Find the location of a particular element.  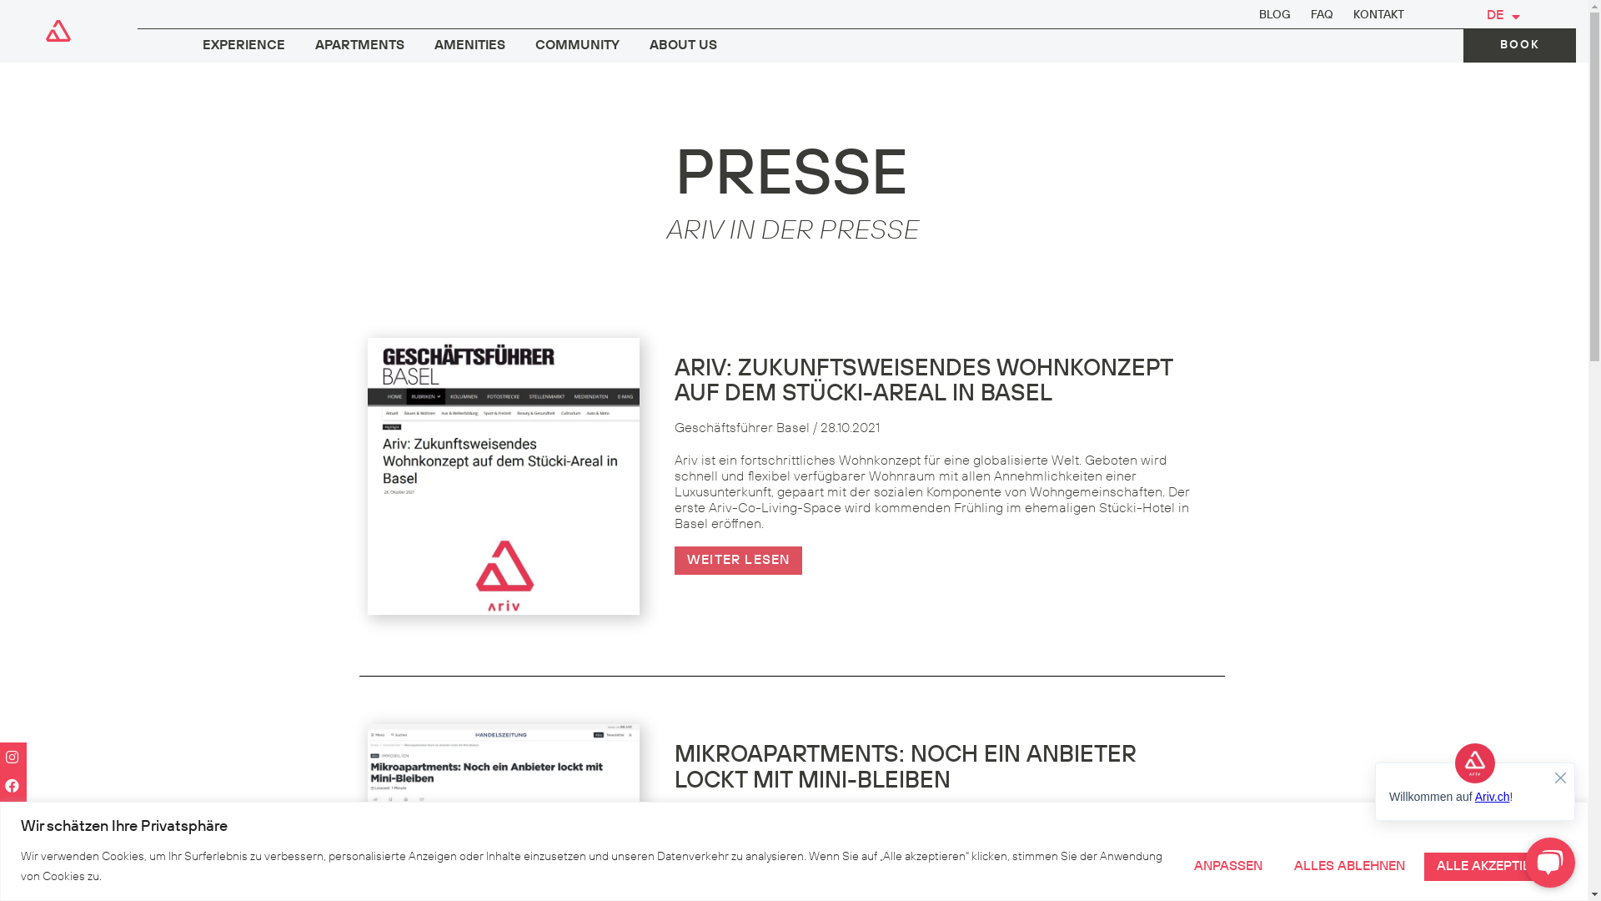

'APARTMENTS' is located at coordinates (359, 45).